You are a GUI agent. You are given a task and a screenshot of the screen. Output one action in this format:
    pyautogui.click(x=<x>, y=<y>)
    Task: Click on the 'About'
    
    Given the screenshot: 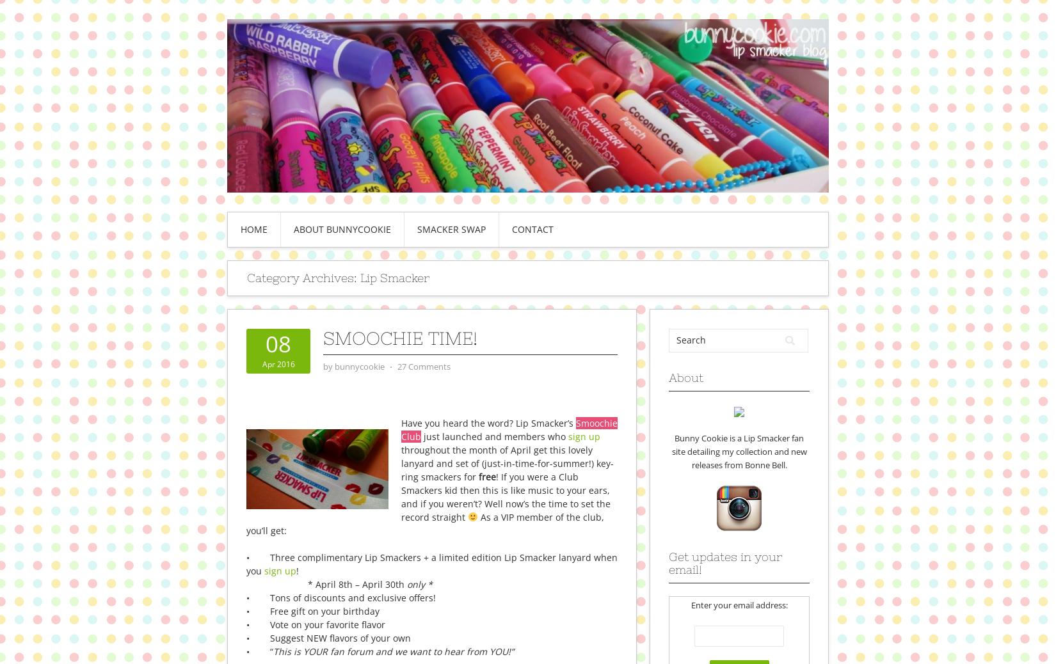 What is the action you would take?
    pyautogui.click(x=686, y=376)
    